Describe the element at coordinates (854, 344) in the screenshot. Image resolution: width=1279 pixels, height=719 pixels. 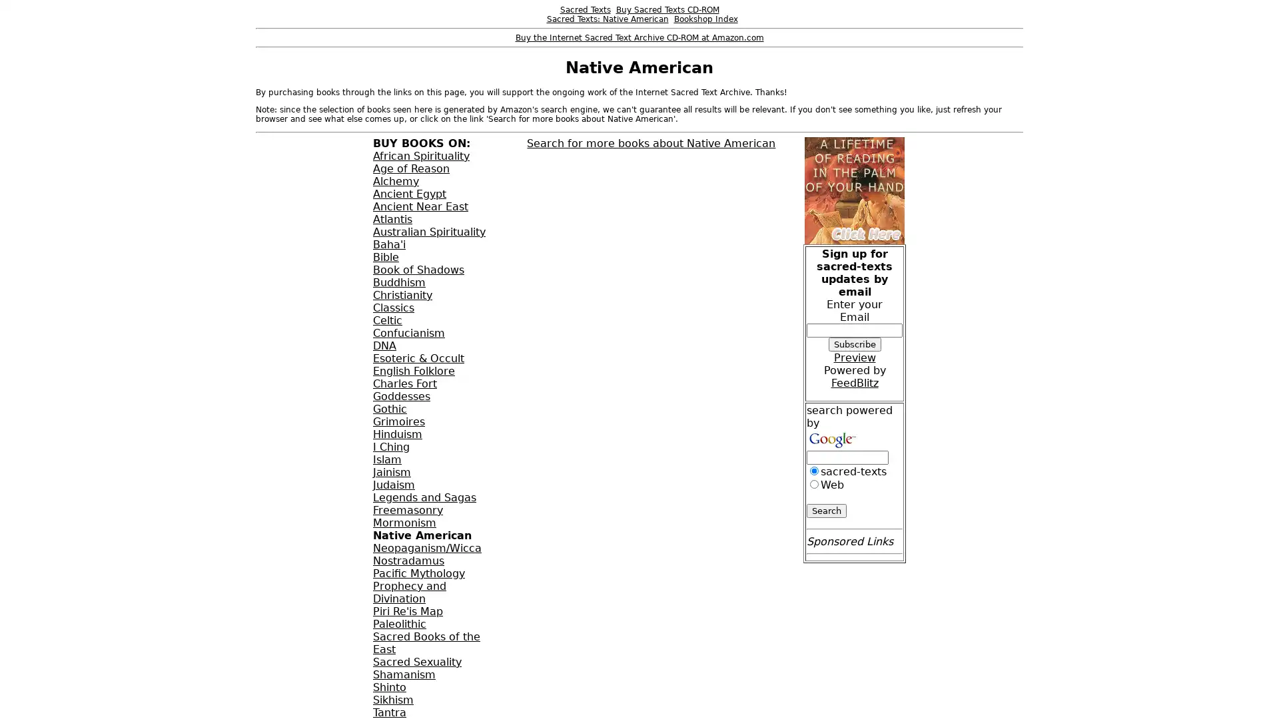
I see `Subscribe` at that location.